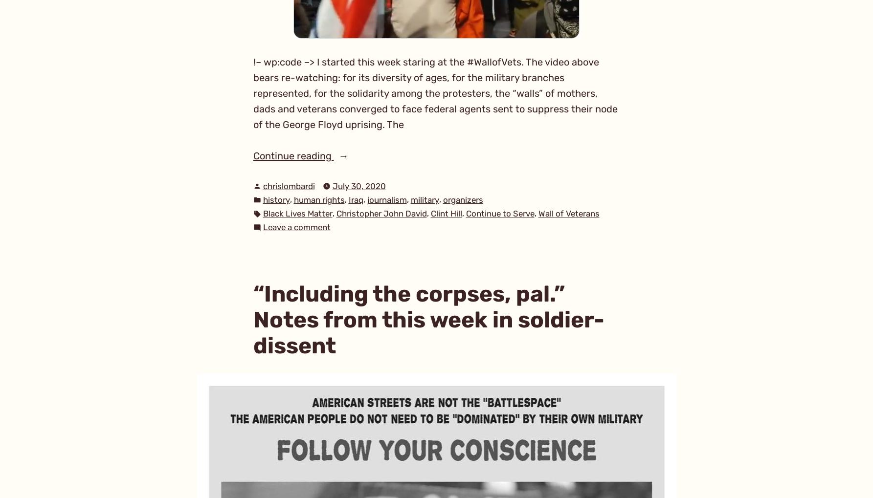 The image size is (873, 498). I want to click on 'chrislombardi', so click(288, 185).